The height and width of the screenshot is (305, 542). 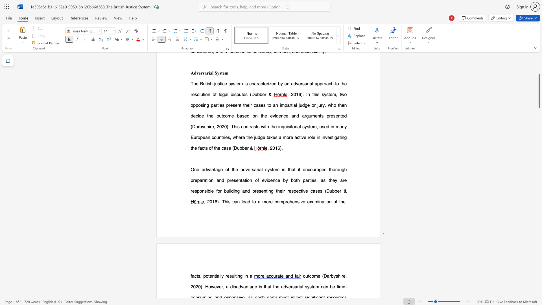 What do you see at coordinates (326, 191) in the screenshot?
I see `the subset text "Dubber" within the text "(Dubber &"` at bounding box center [326, 191].